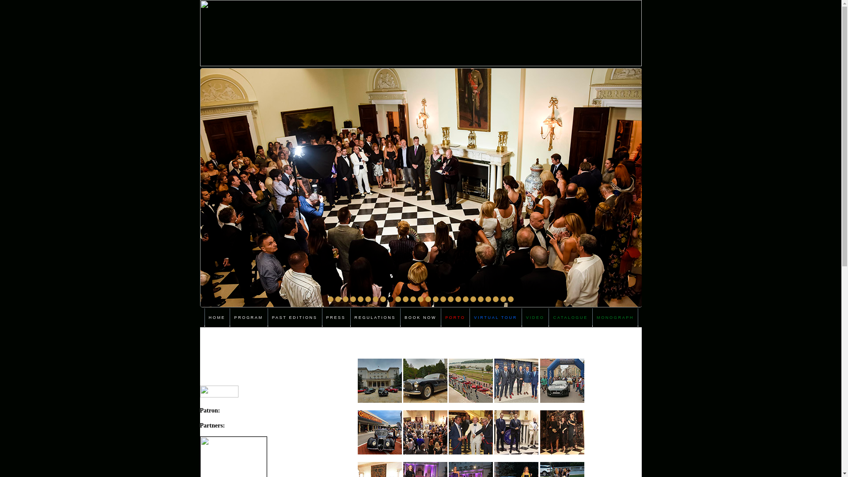 This screenshot has height=477, width=848. What do you see at coordinates (335, 317) in the screenshot?
I see `'PRESS'` at bounding box center [335, 317].